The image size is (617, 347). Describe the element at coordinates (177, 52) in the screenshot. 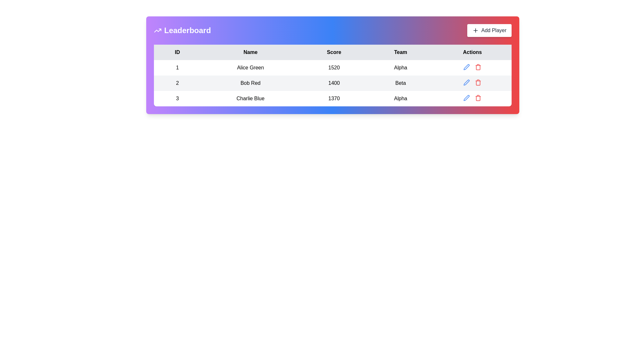

I see `the ID column header label in the leaderboard, which is the first label in a row of five header elements aligned to the leftmost position` at that location.